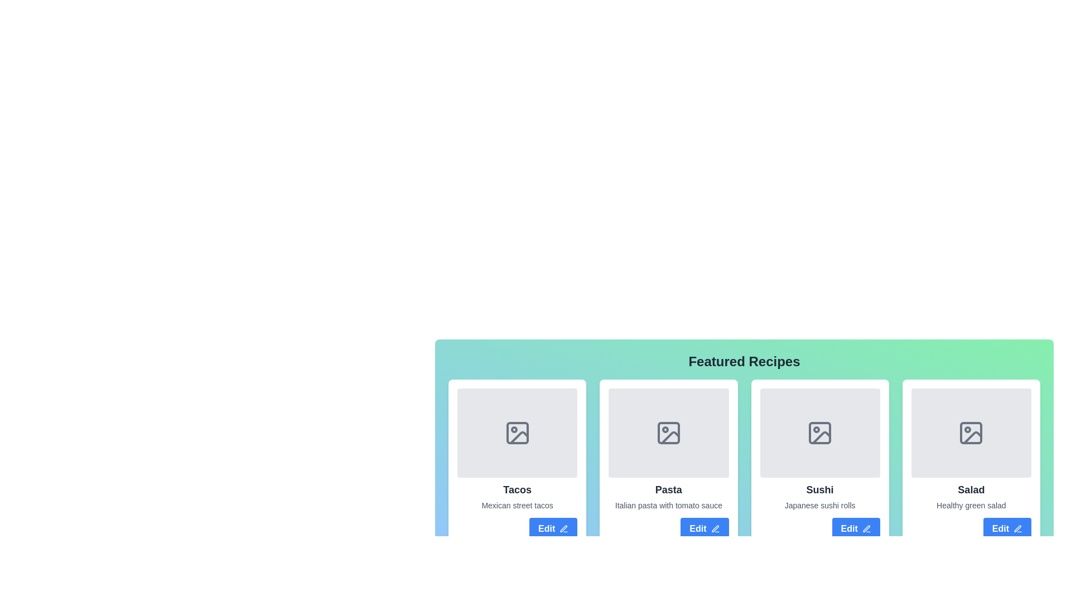  I want to click on the text label displaying 'Tacos', which is styled in a bold and large font and is centrally placed within its card, located below a gray image placeholder, so click(517, 489).